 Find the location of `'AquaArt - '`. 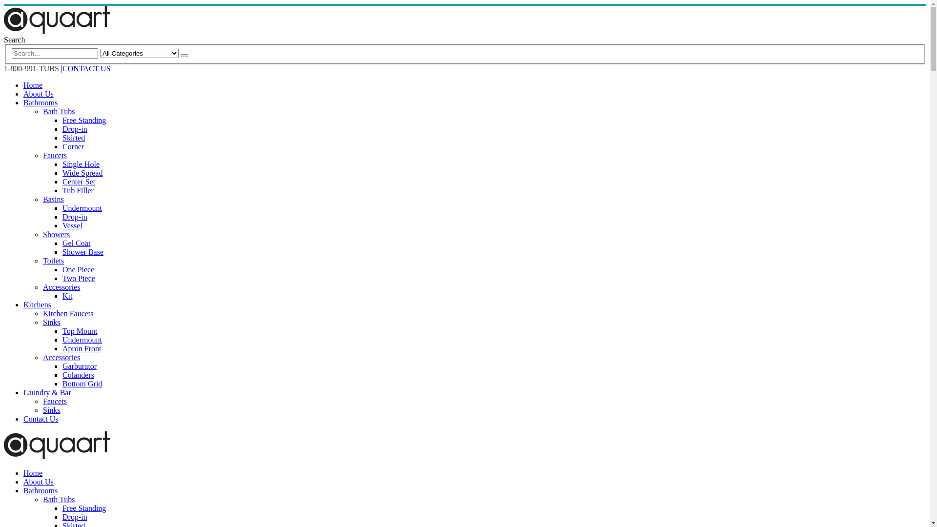

'AquaArt - ' is located at coordinates (56, 456).